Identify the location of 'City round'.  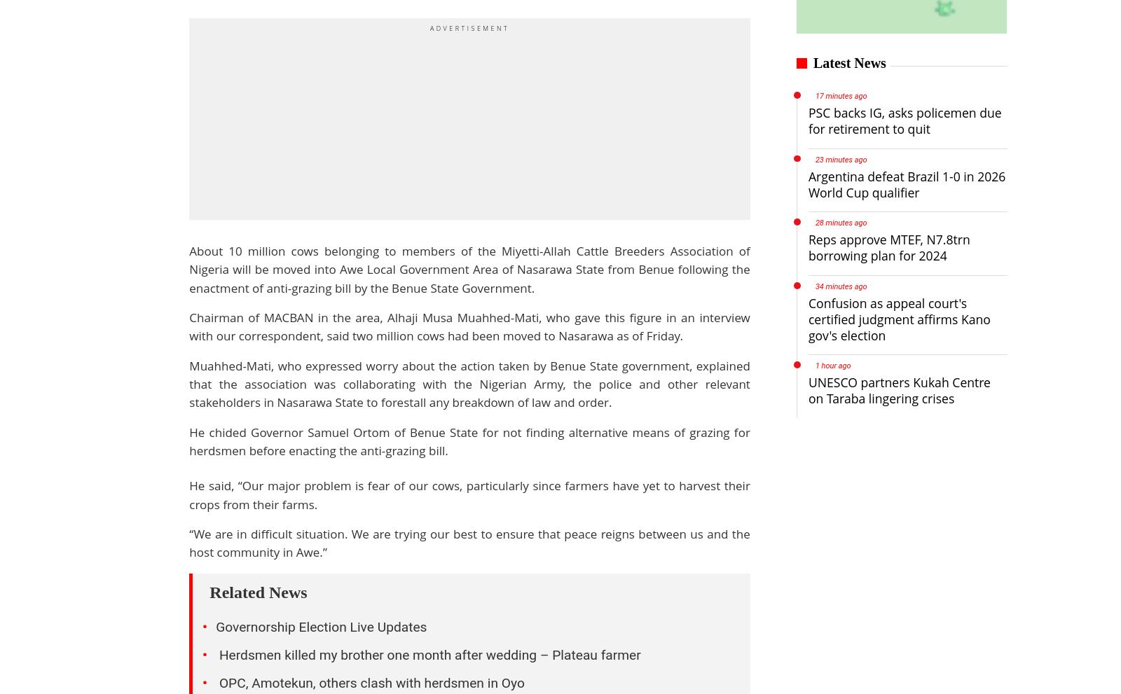
(425, 632).